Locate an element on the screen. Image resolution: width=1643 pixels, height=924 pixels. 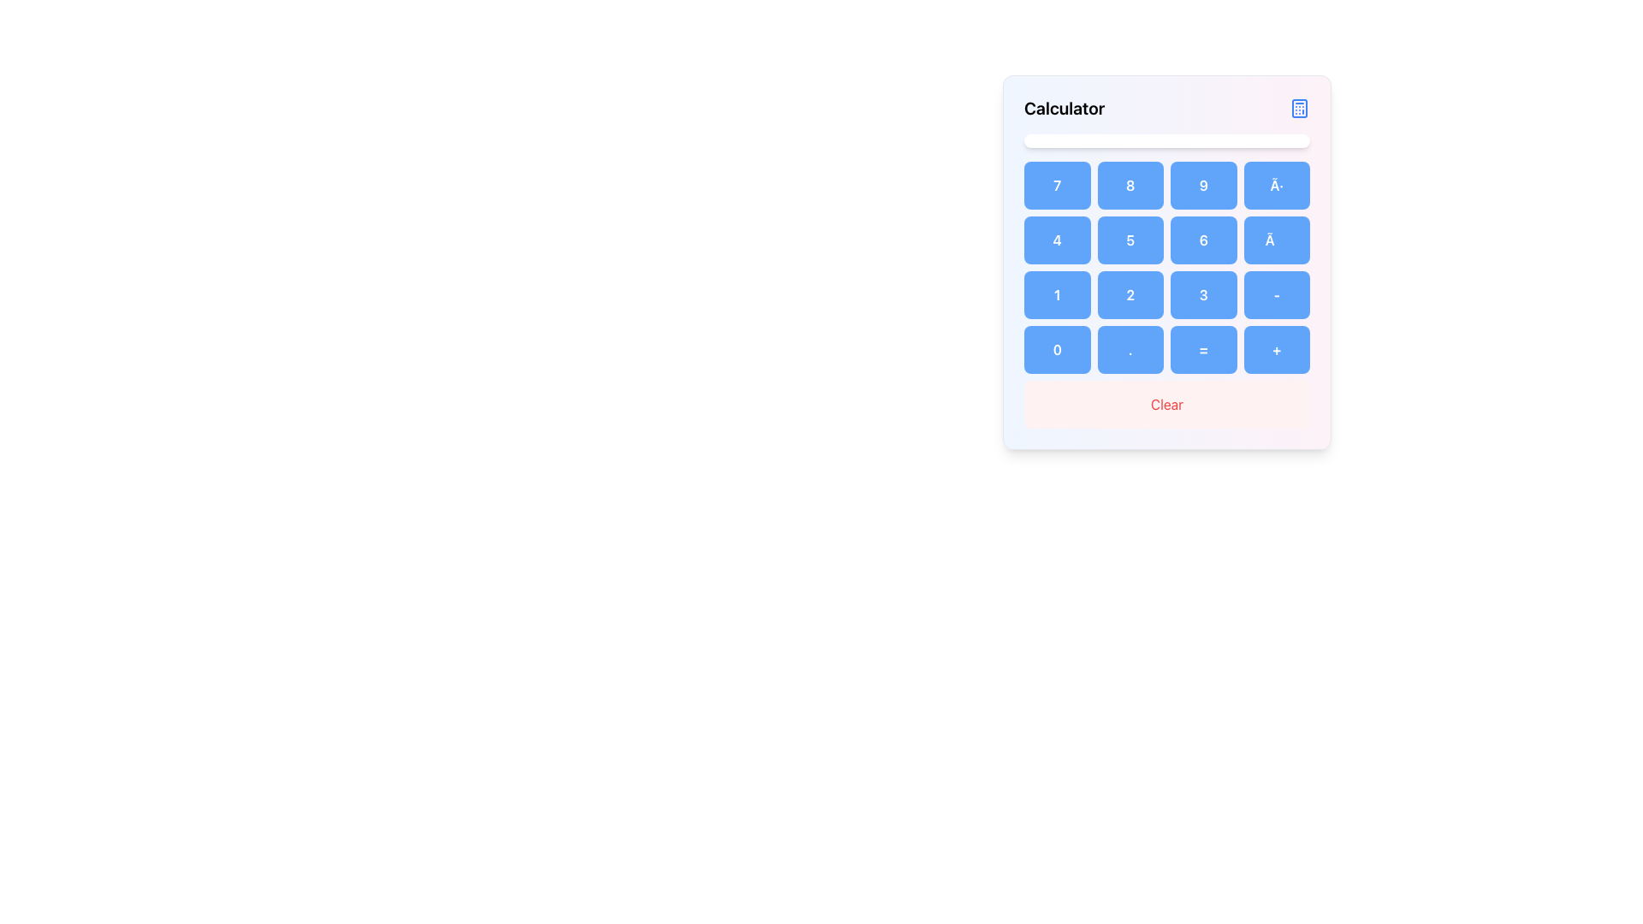
the blue button displaying the number '6' in white text, located in the second row and third column of the calculator layout, to input '6' is located at coordinates (1202, 240).